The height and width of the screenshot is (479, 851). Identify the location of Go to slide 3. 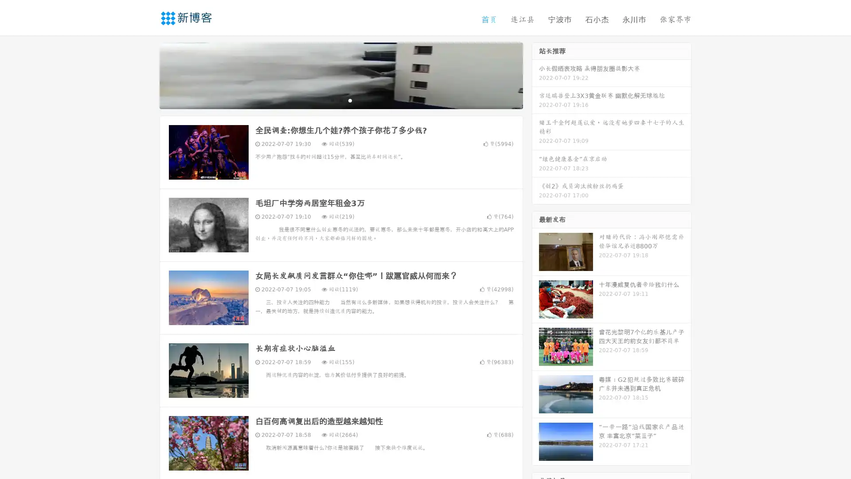
(350, 100).